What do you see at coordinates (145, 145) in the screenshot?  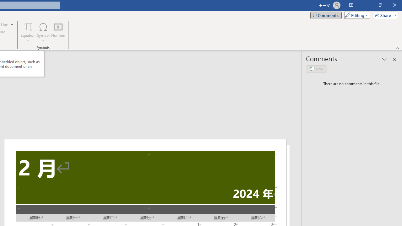 I see `'Header -Section 2-'` at bounding box center [145, 145].